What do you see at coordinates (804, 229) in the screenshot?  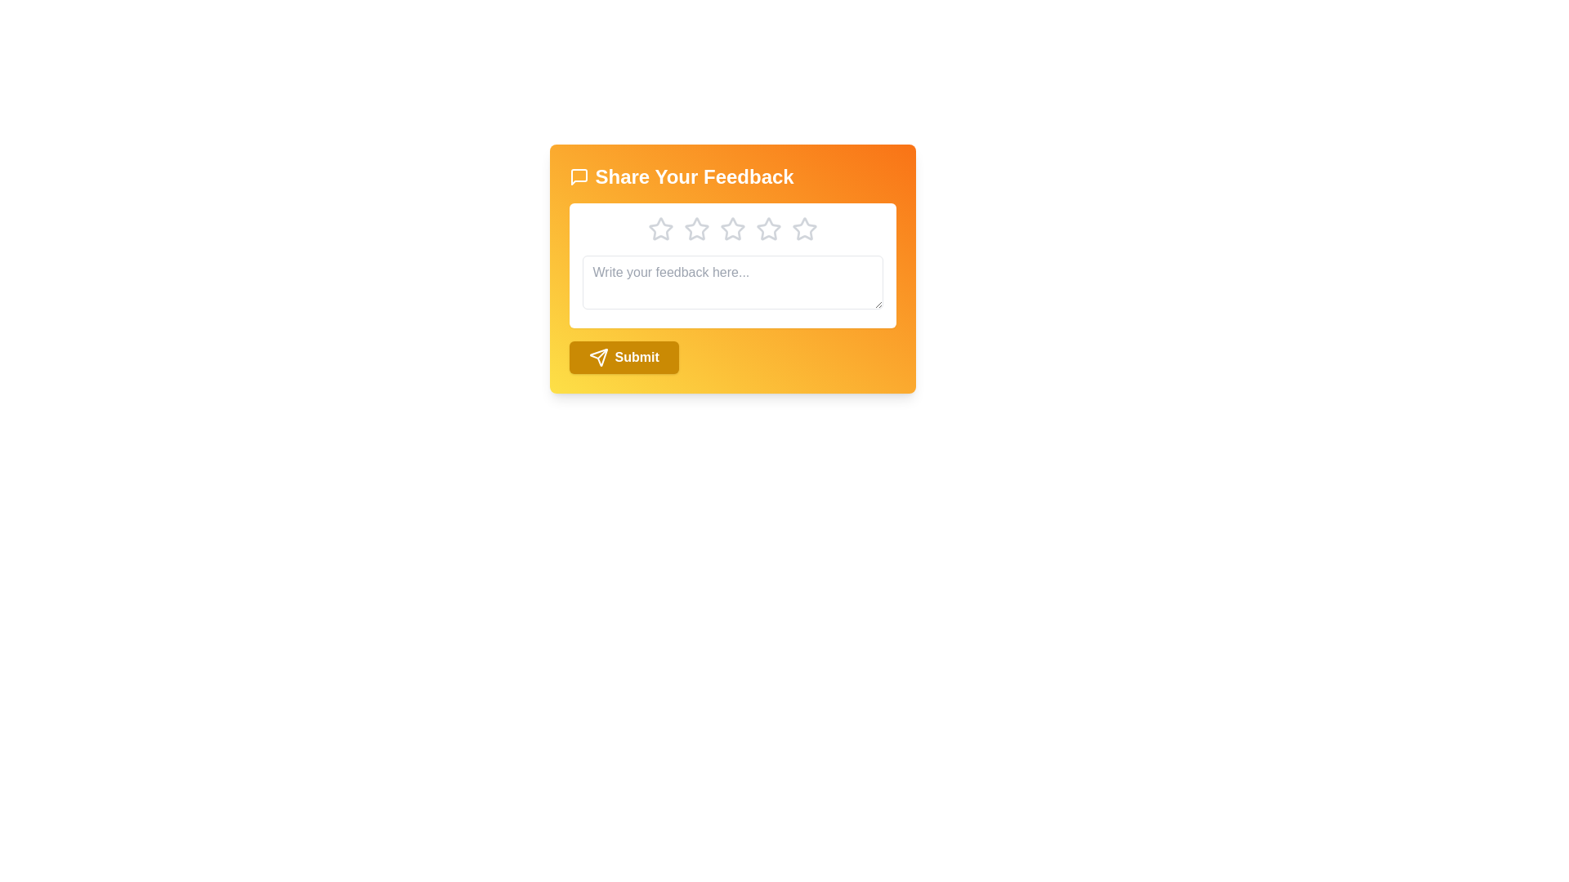 I see `the fifth star icon in the rating system` at bounding box center [804, 229].